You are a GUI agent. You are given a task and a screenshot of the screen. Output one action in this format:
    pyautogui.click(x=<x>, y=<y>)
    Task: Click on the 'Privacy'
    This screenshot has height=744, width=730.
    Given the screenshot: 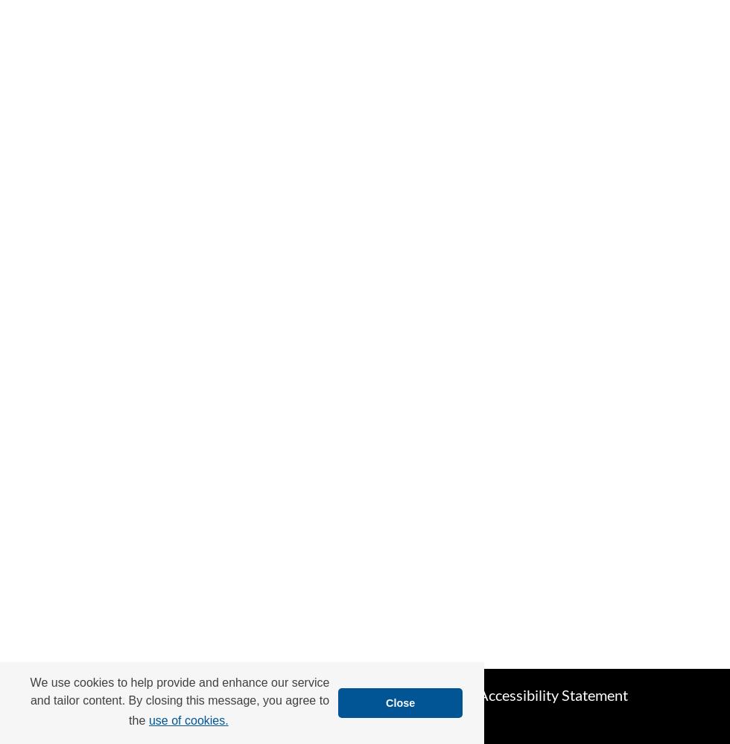 What is the action you would take?
    pyautogui.click(x=221, y=725)
    